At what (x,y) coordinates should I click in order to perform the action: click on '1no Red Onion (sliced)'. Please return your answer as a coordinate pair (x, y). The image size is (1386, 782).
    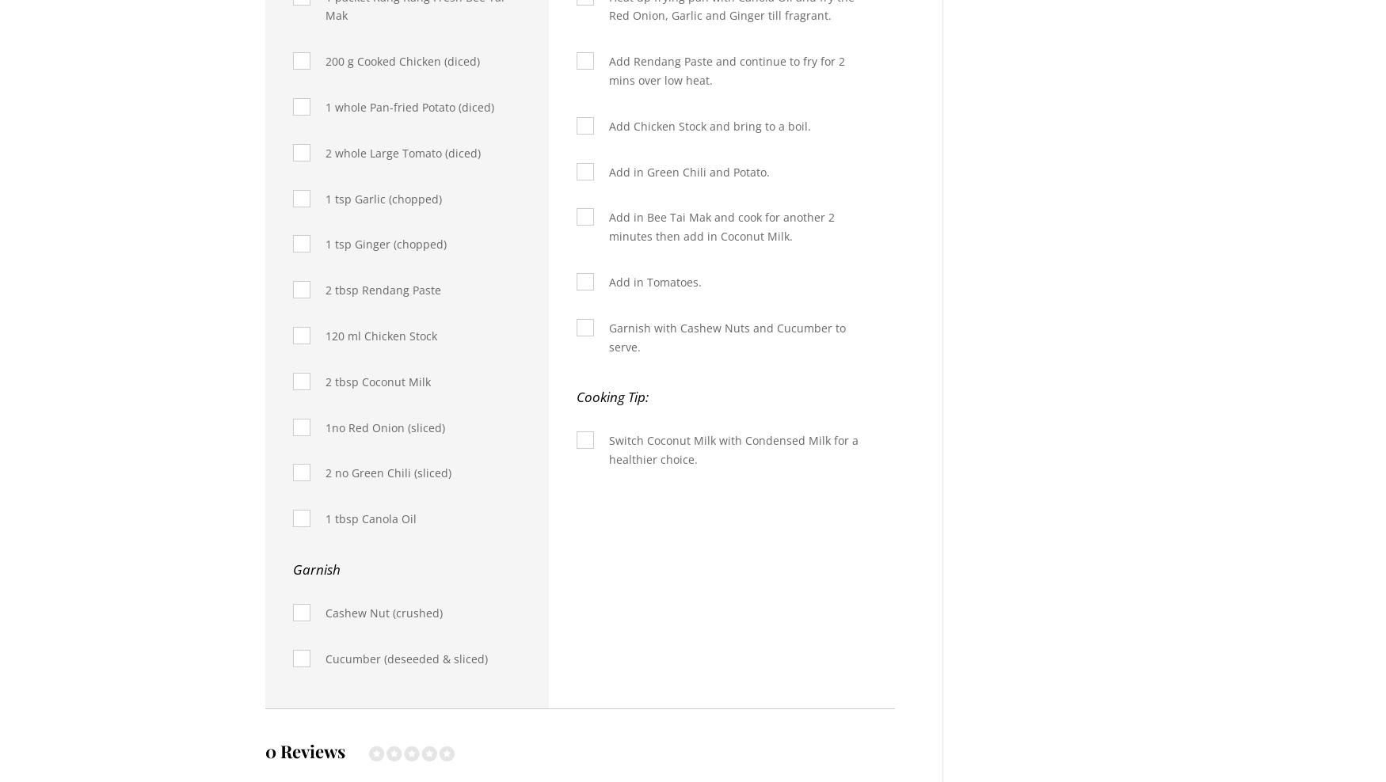
    Looking at the image, I should click on (385, 426).